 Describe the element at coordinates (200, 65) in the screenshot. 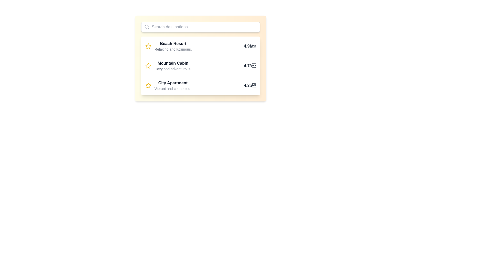

I see `the second ListItem in the vertical list that provides a brief description of a destination, including its name, tagline, and rating` at that location.